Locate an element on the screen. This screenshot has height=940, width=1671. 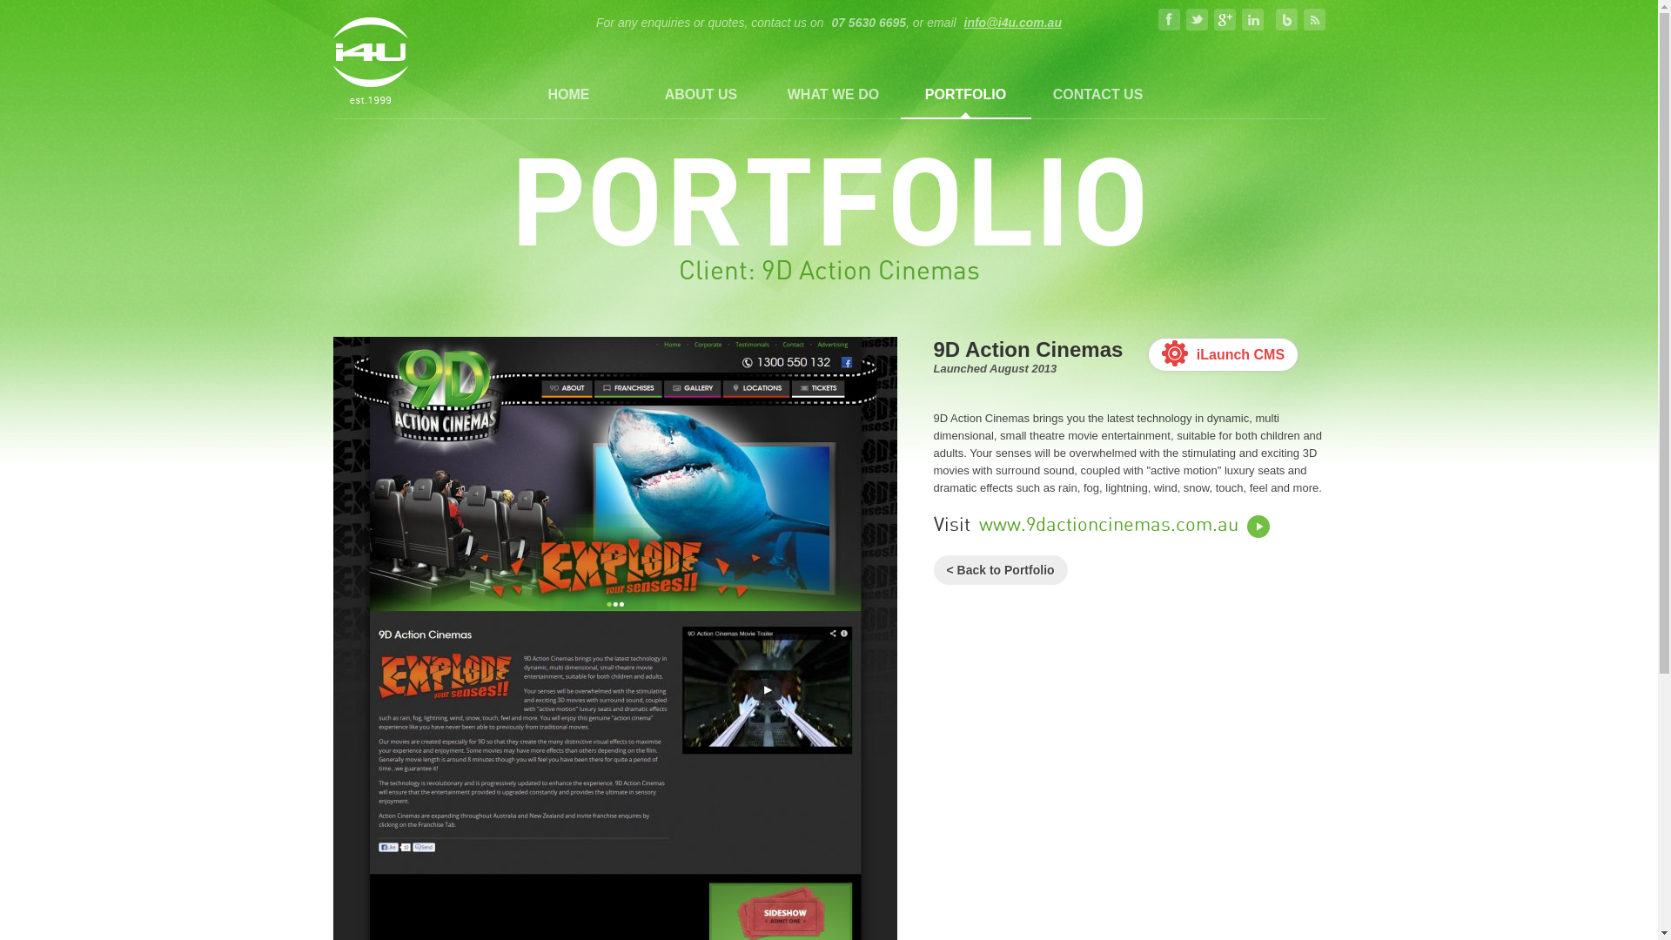
'info@i4u.com.au' is located at coordinates (1010, 23).